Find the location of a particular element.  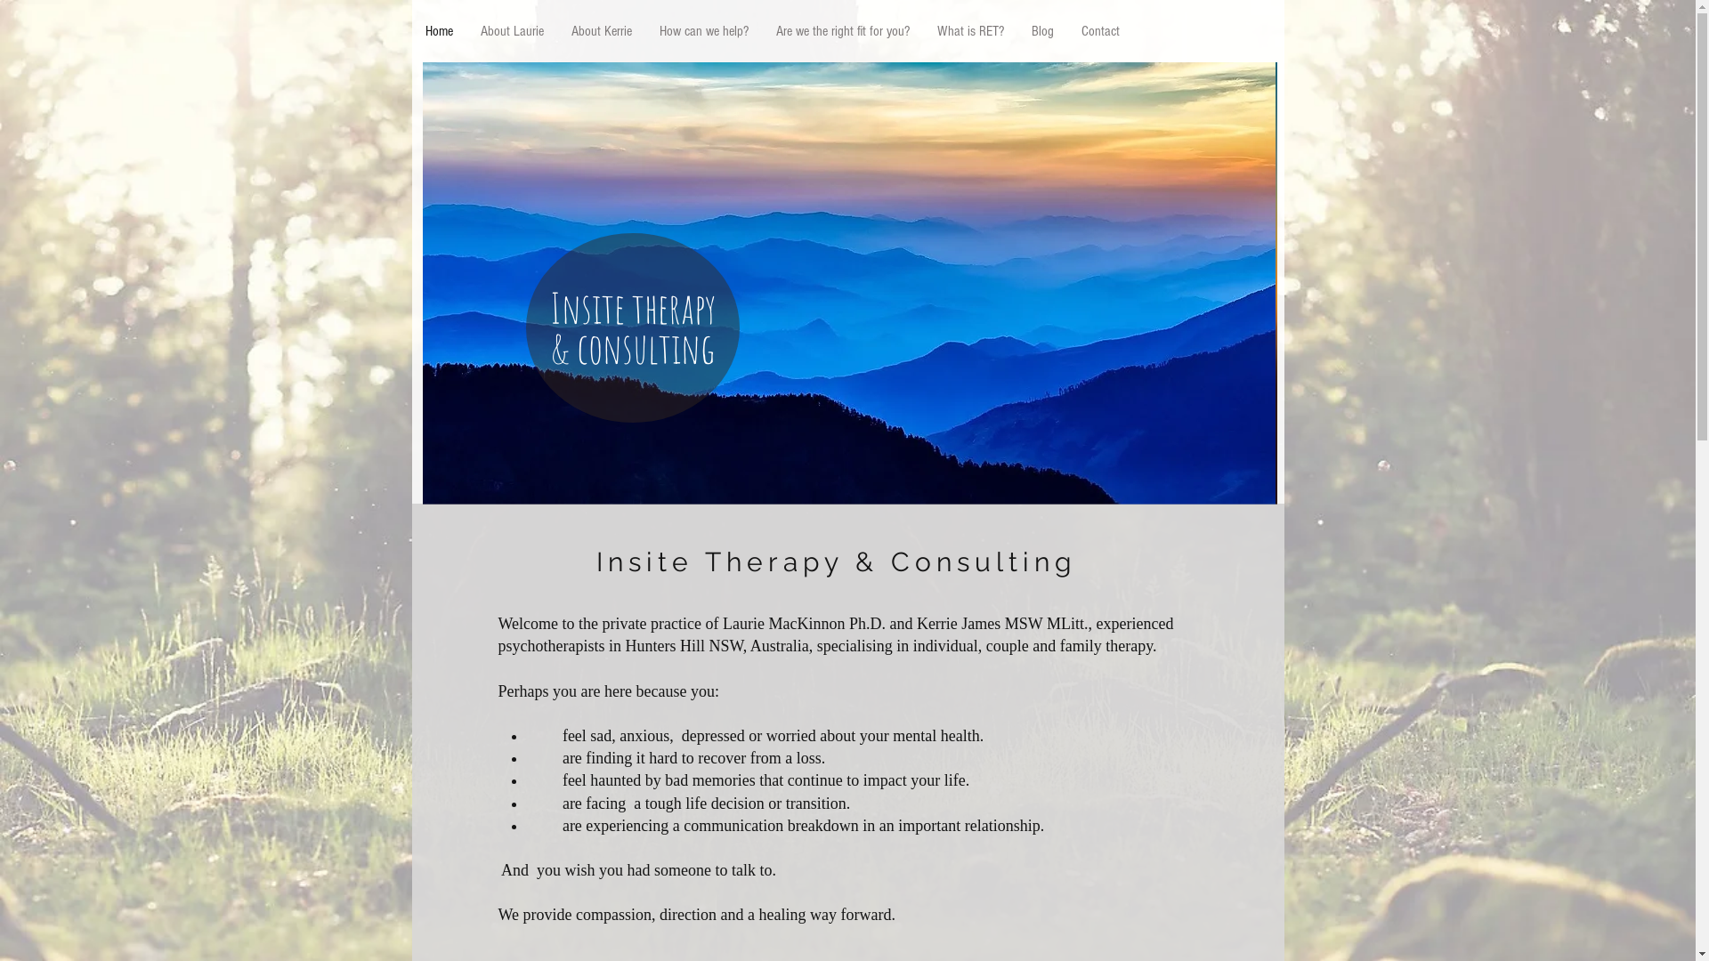

'Home' is located at coordinates (438, 31).